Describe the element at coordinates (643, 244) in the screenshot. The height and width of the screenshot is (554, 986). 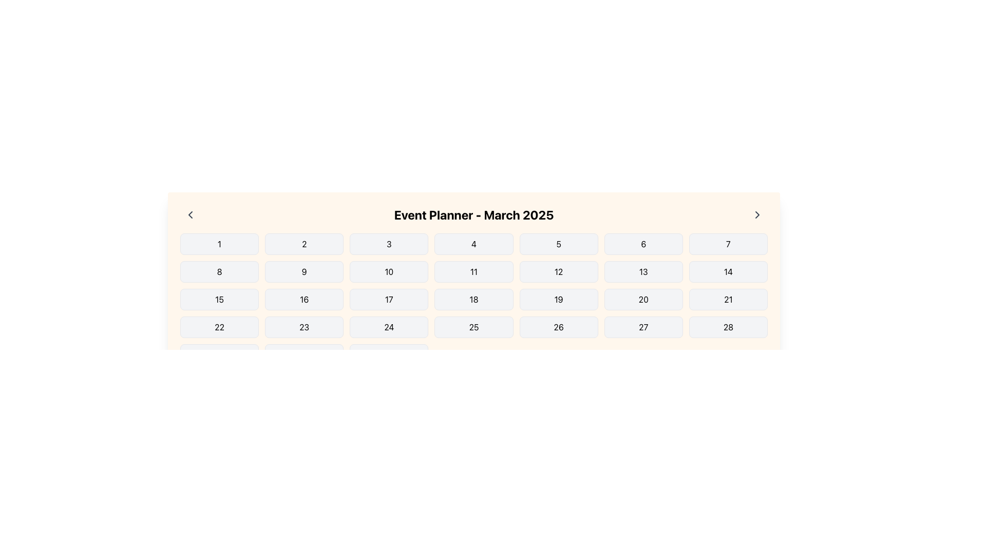
I see `the rectangular button with a light gray background and the number '6' centered in black text` at that location.